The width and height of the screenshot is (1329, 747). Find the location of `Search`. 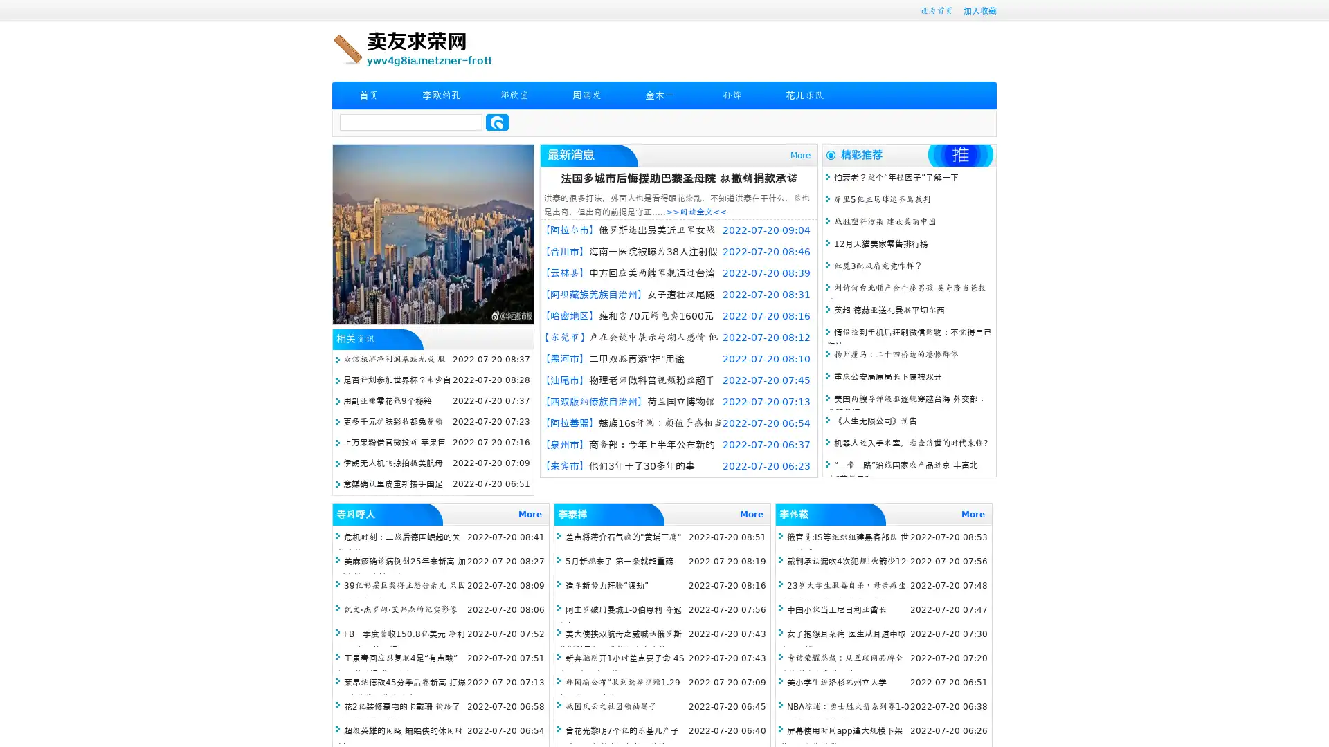

Search is located at coordinates (497, 122).